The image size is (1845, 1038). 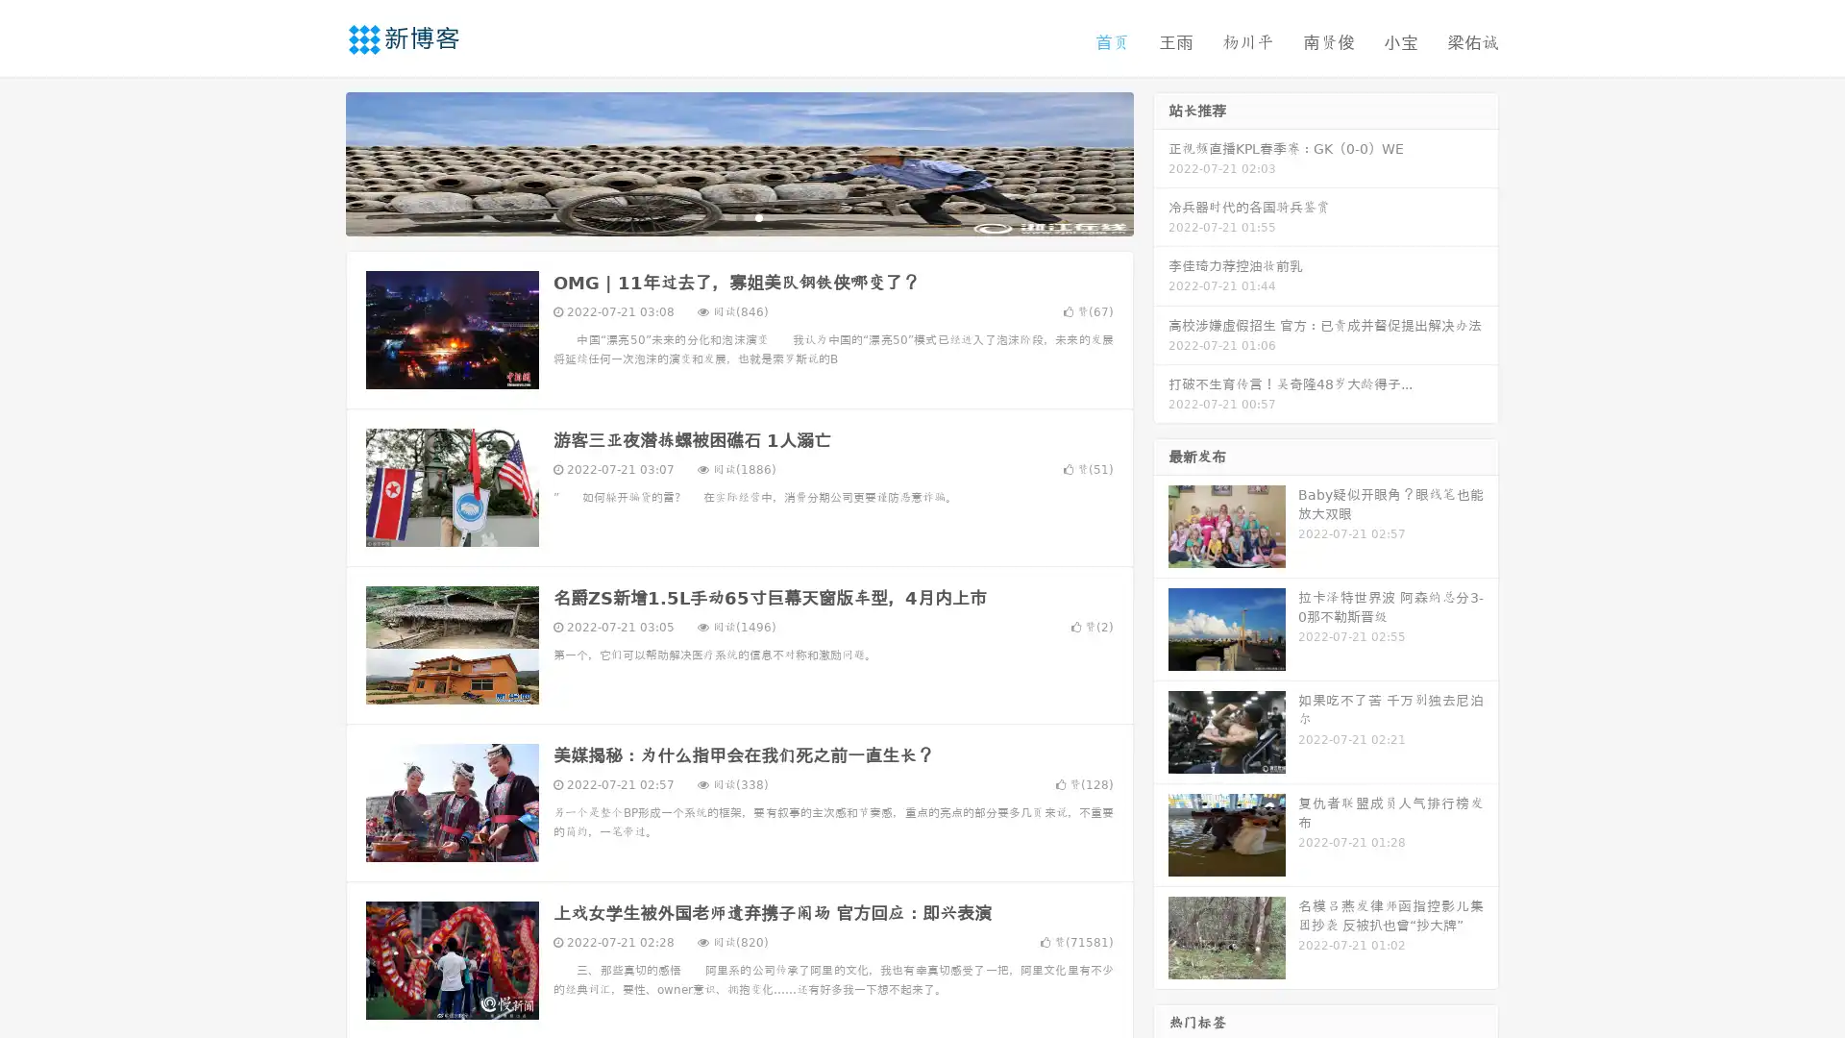 What do you see at coordinates (758, 216) in the screenshot?
I see `Go to slide 3` at bounding box center [758, 216].